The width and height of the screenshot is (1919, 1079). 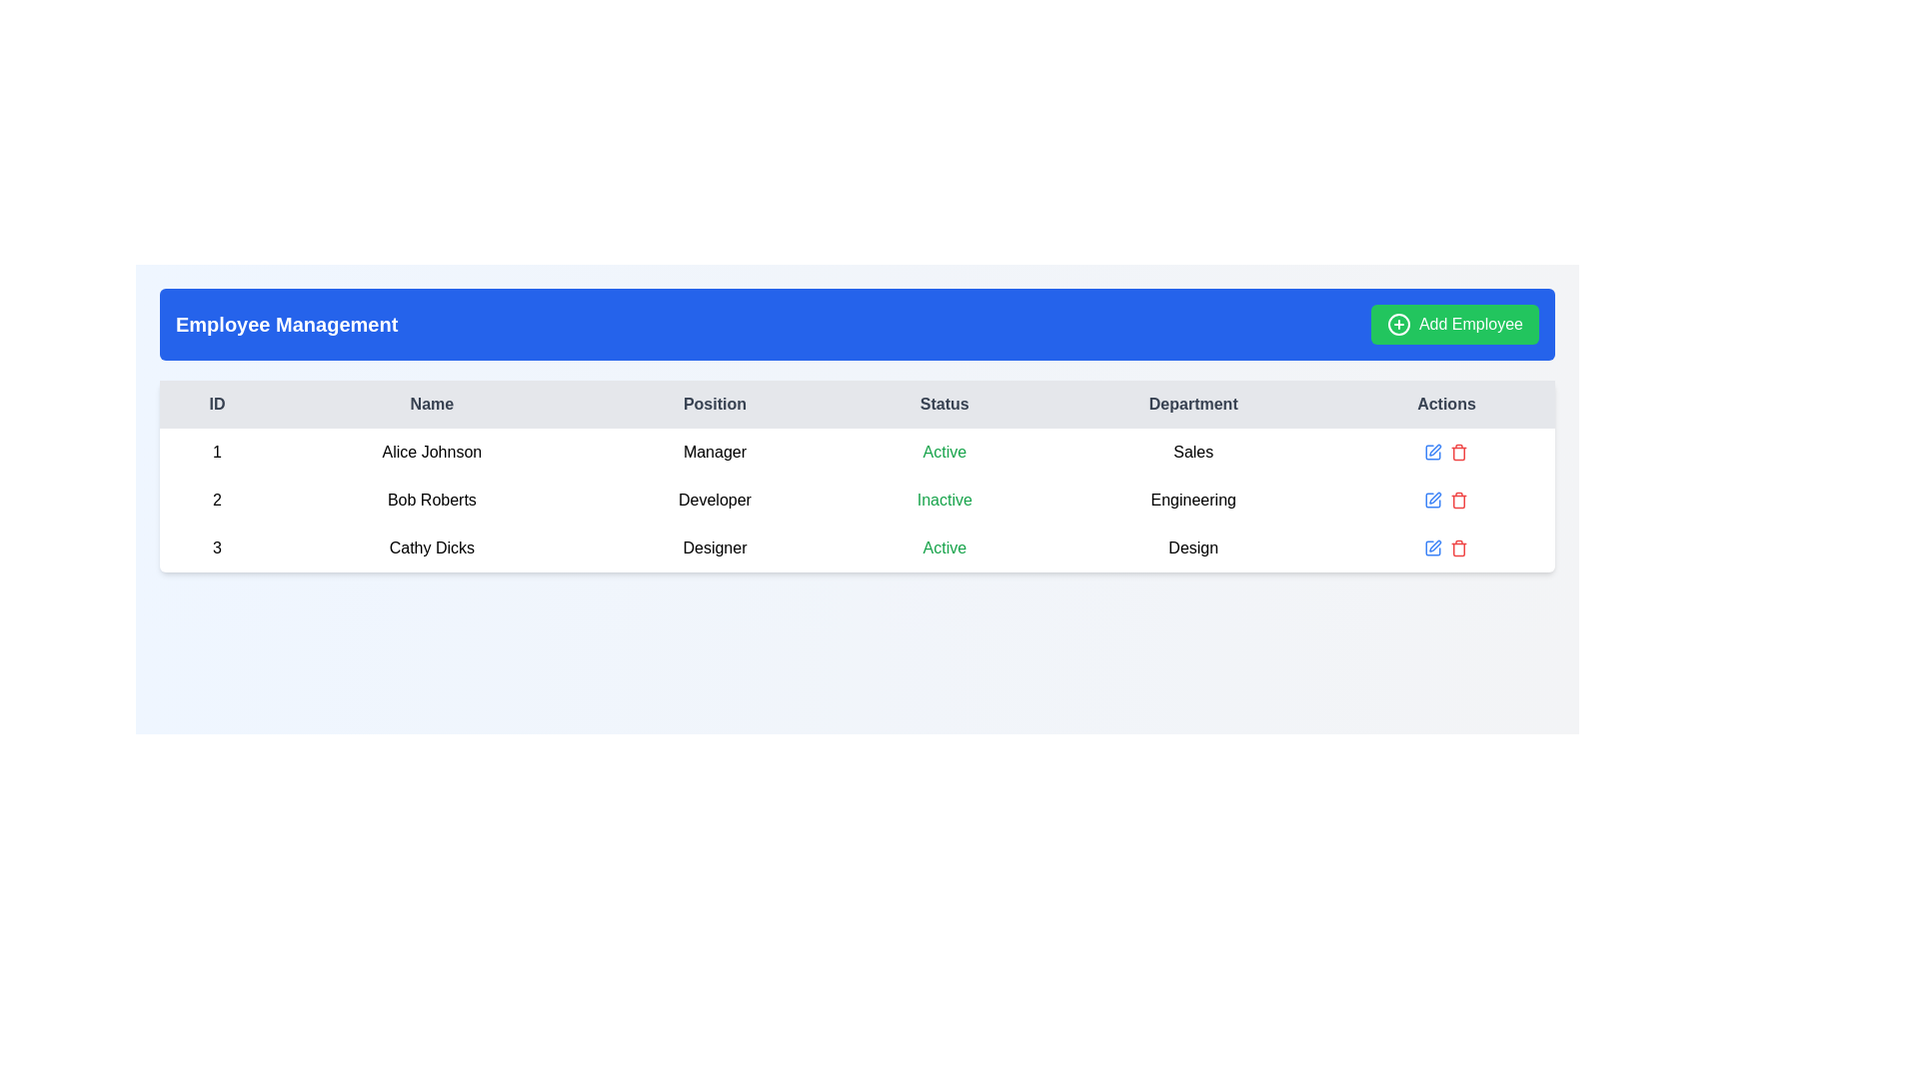 What do you see at coordinates (1432, 500) in the screenshot?
I see `the small blue pencil icon button in the 'Actions' column of the table, specifically in the second row associated with 'Bob Roberts'` at bounding box center [1432, 500].